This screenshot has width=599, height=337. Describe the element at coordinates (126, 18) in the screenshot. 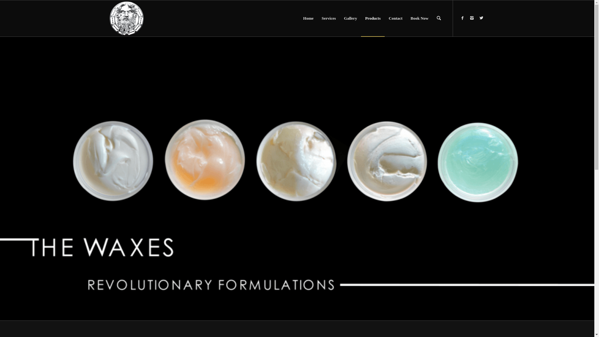

I see `'Barber-Culture-Med-Logo-Calgary'` at that location.